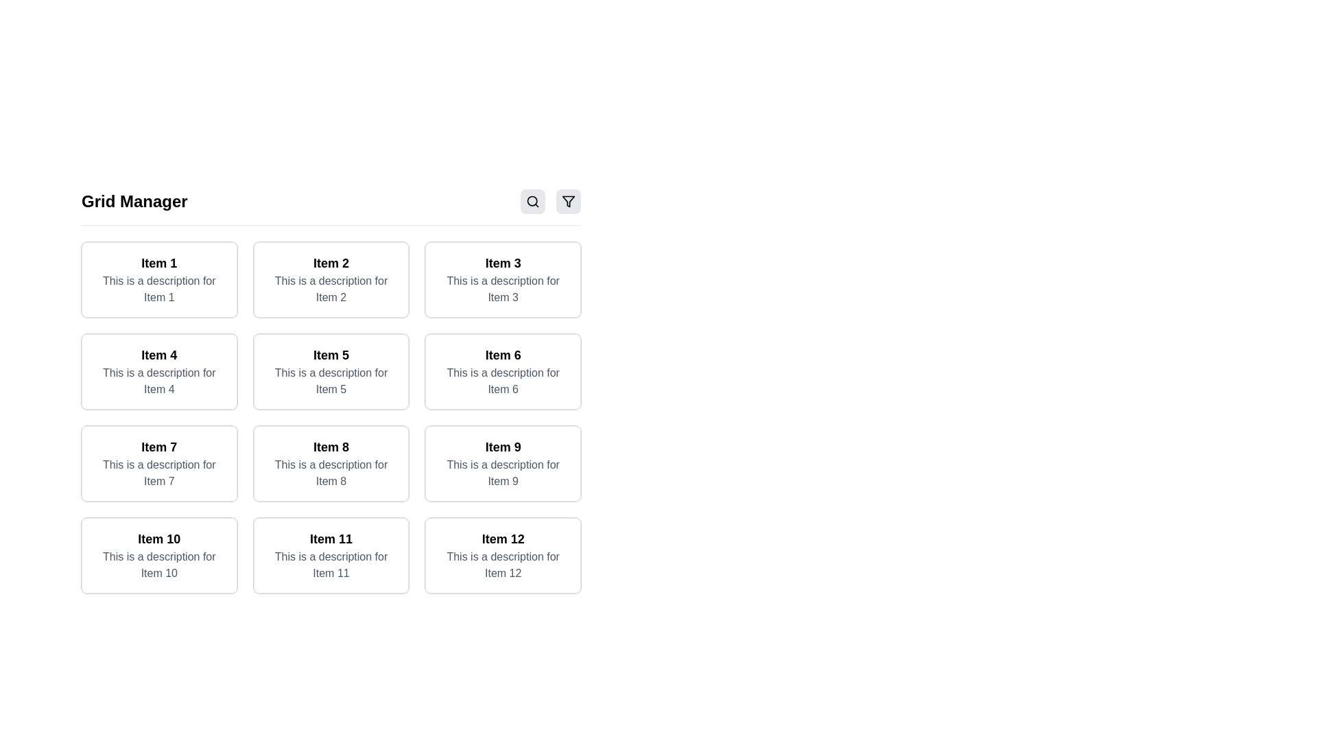 This screenshot has width=1317, height=741. Describe the element at coordinates (502, 279) in the screenshot. I see `the Card Component that displays a title and description, which is the third element in the three-column grid layout` at that location.